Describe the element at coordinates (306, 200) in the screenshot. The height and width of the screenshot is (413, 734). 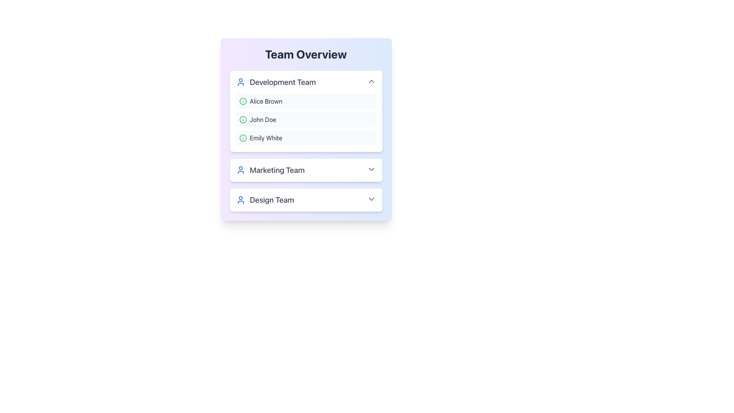
I see `the Interactive Dropdown Trigger element labeled 'Design Team'` at that location.